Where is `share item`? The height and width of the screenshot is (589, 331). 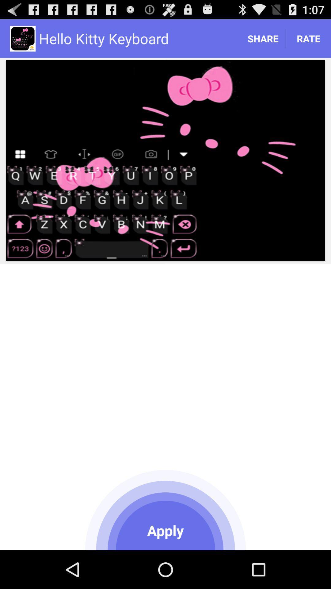
share item is located at coordinates (262, 38).